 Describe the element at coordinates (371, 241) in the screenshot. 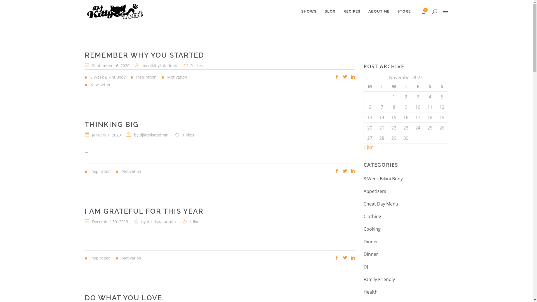

I see `'Dinner'` at that location.